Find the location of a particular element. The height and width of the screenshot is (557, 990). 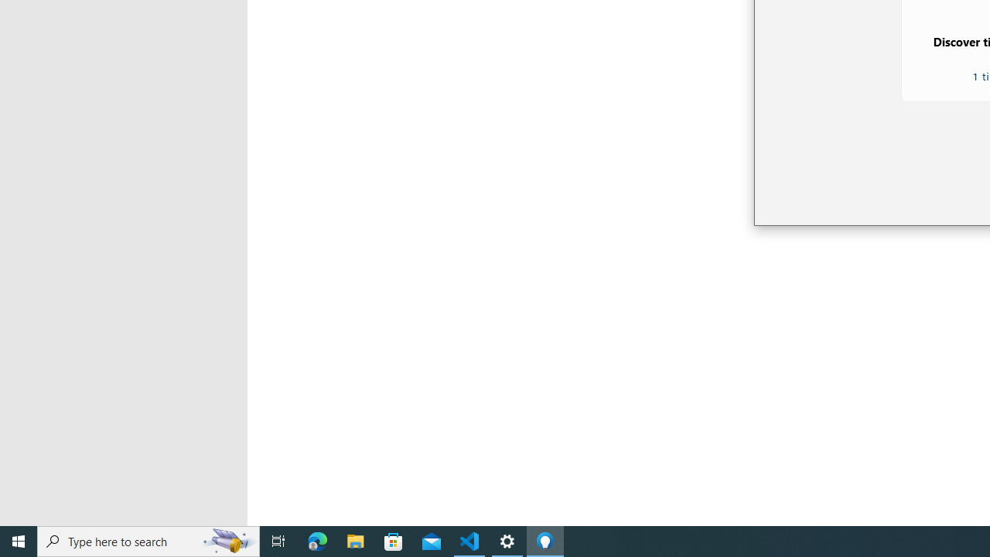

'Type here to search' is located at coordinates (148, 540).